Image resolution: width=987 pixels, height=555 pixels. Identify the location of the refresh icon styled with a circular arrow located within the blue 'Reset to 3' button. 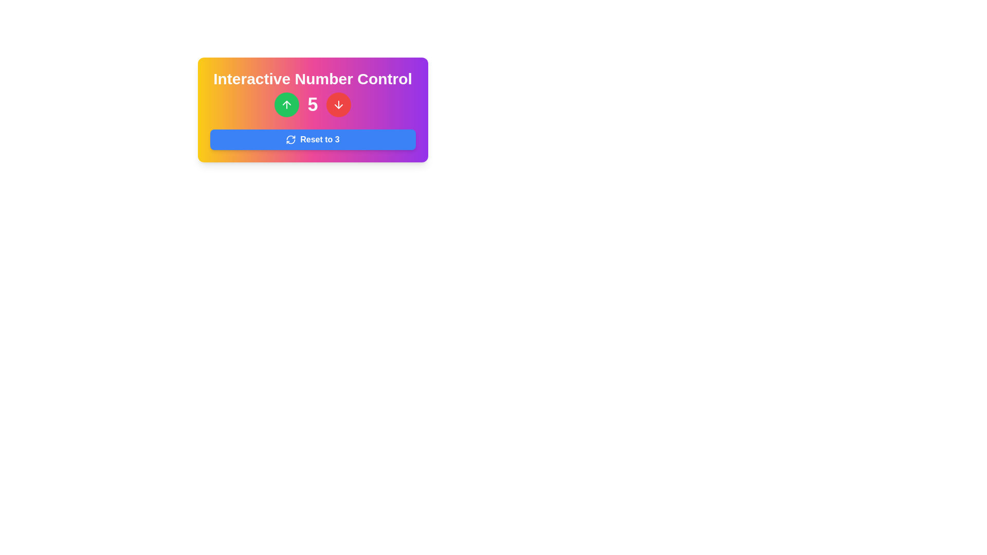
(290, 140).